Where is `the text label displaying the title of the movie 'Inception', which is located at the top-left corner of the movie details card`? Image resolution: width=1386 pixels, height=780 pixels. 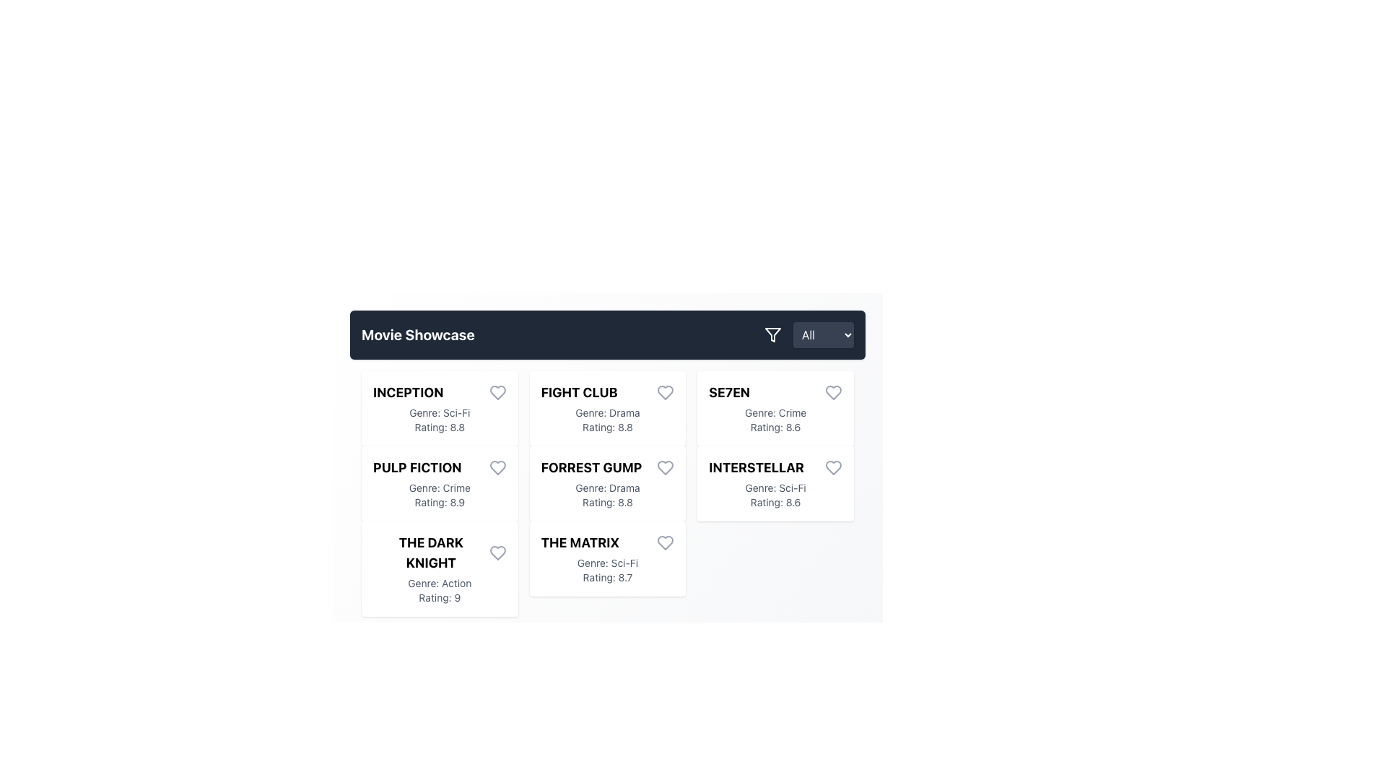 the text label displaying the title of the movie 'Inception', which is located at the top-left corner of the movie details card is located at coordinates (439, 392).